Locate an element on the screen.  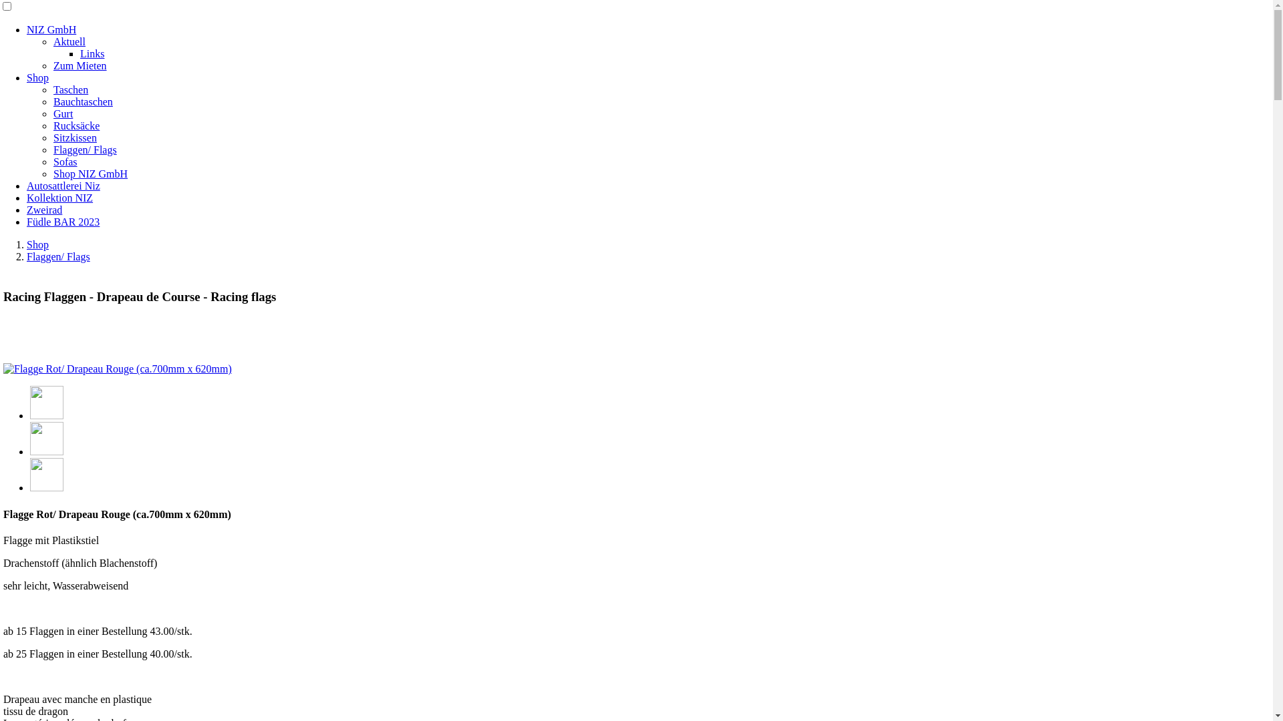
'Kollektion NIZ' is located at coordinates (59, 198).